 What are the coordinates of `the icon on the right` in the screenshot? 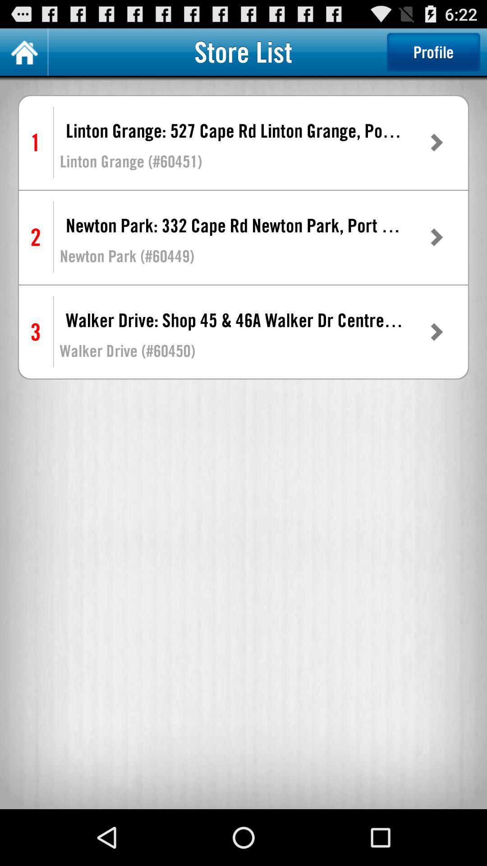 It's located at (436, 332).